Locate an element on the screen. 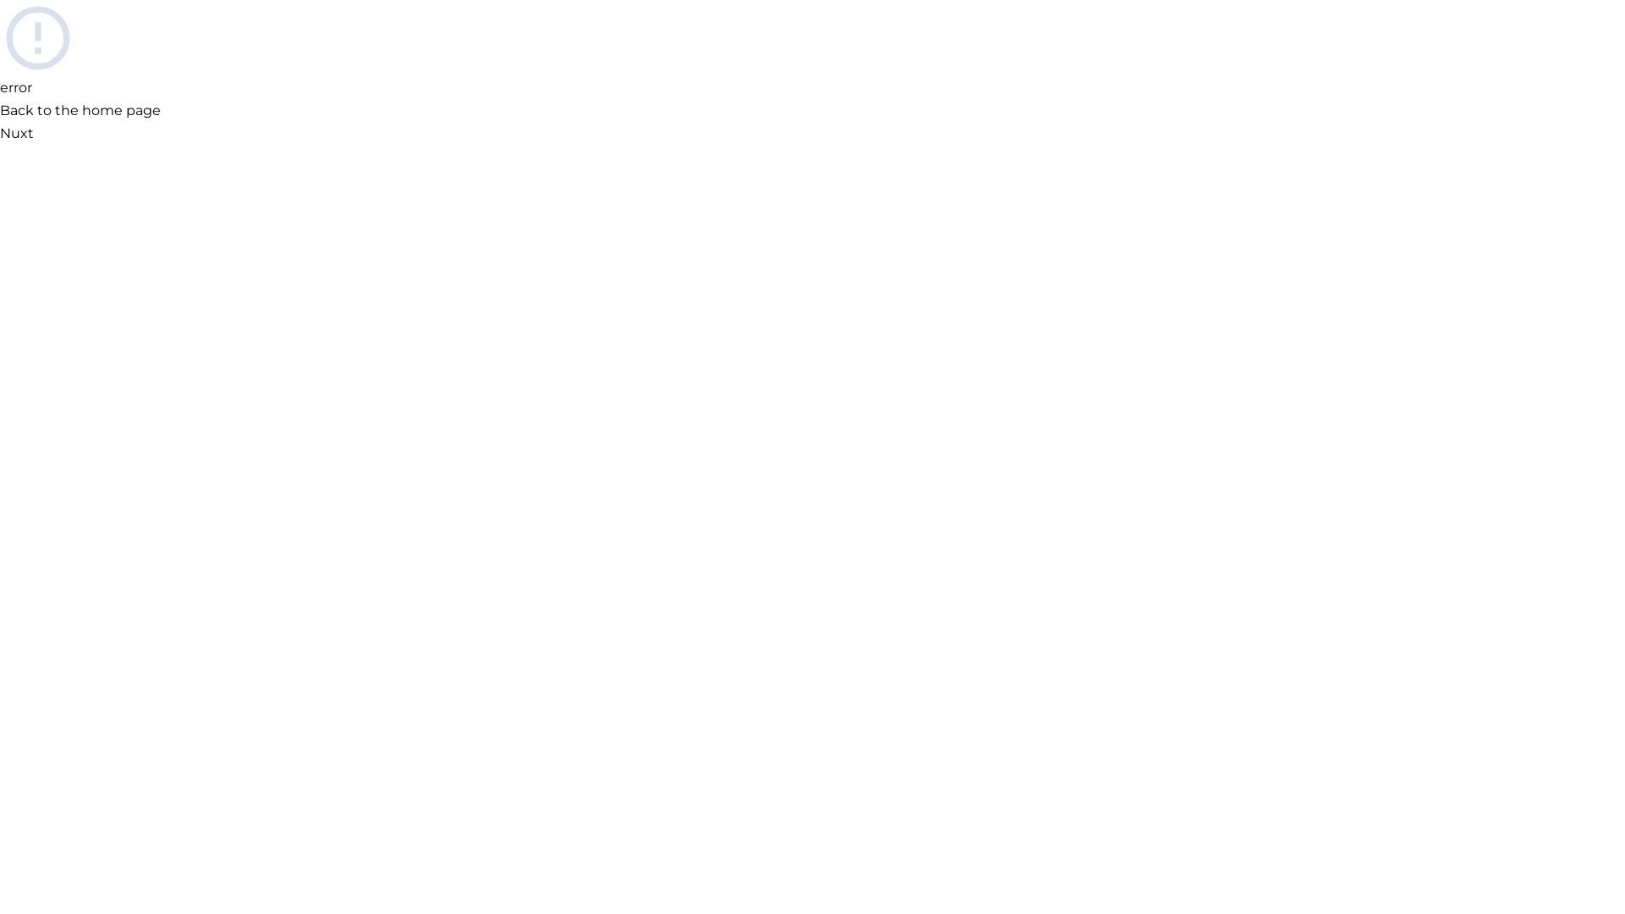 Image resolution: width=1625 pixels, height=914 pixels. 'Back to the home page' is located at coordinates (80, 110).